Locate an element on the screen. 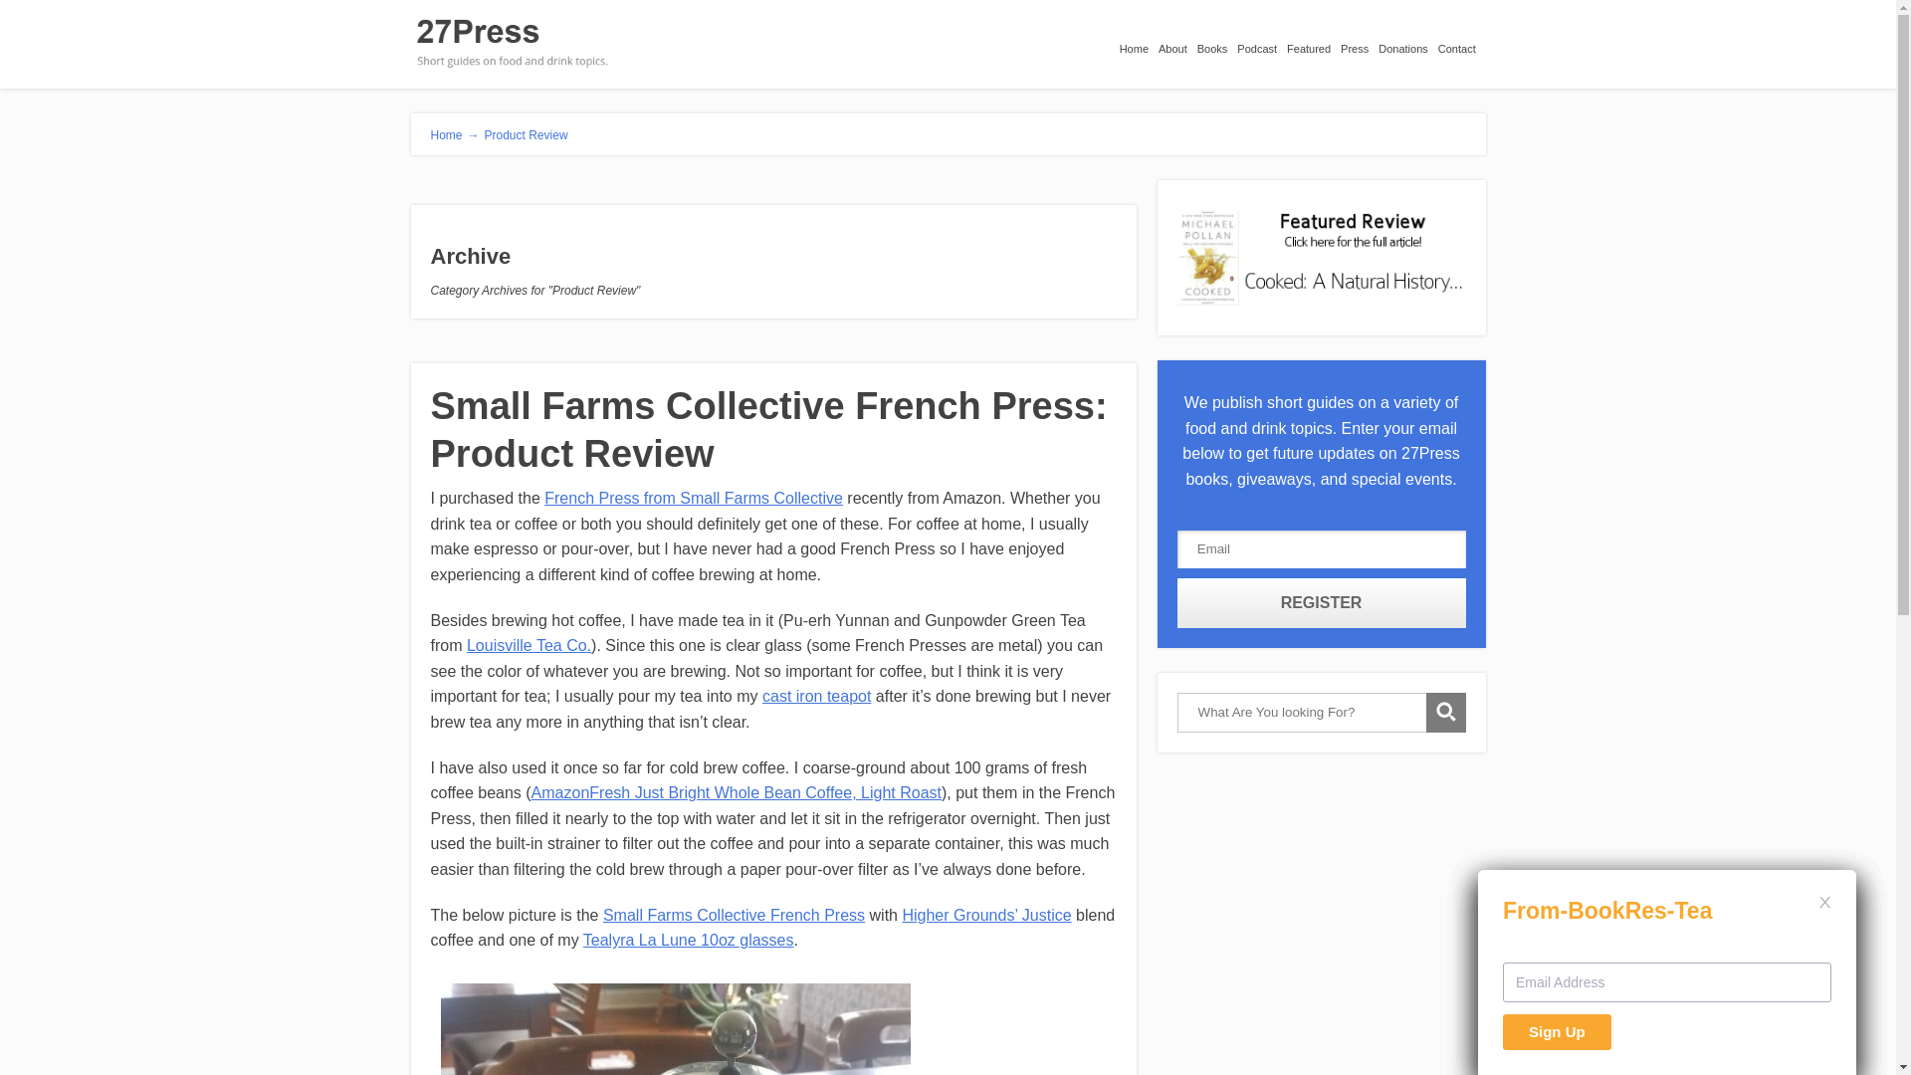 Image resolution: width=1911 pixels, height=1075 pixels. 'Press' is located at coordinates (1359, 43).